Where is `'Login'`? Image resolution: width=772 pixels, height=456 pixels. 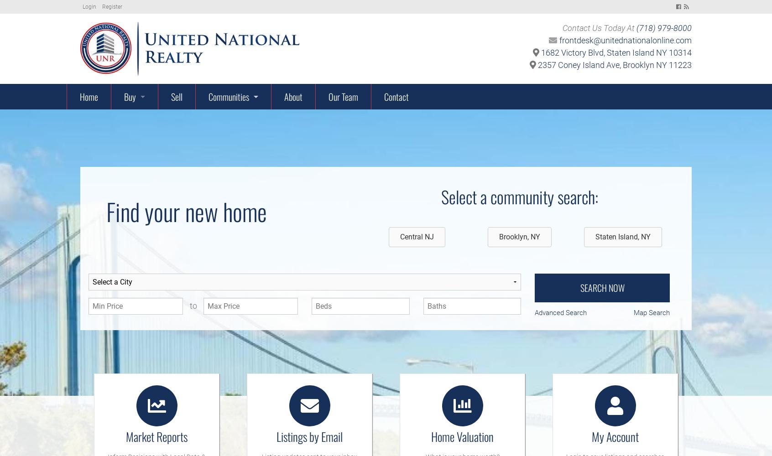
'Login' is located at coordinates (89, 7).